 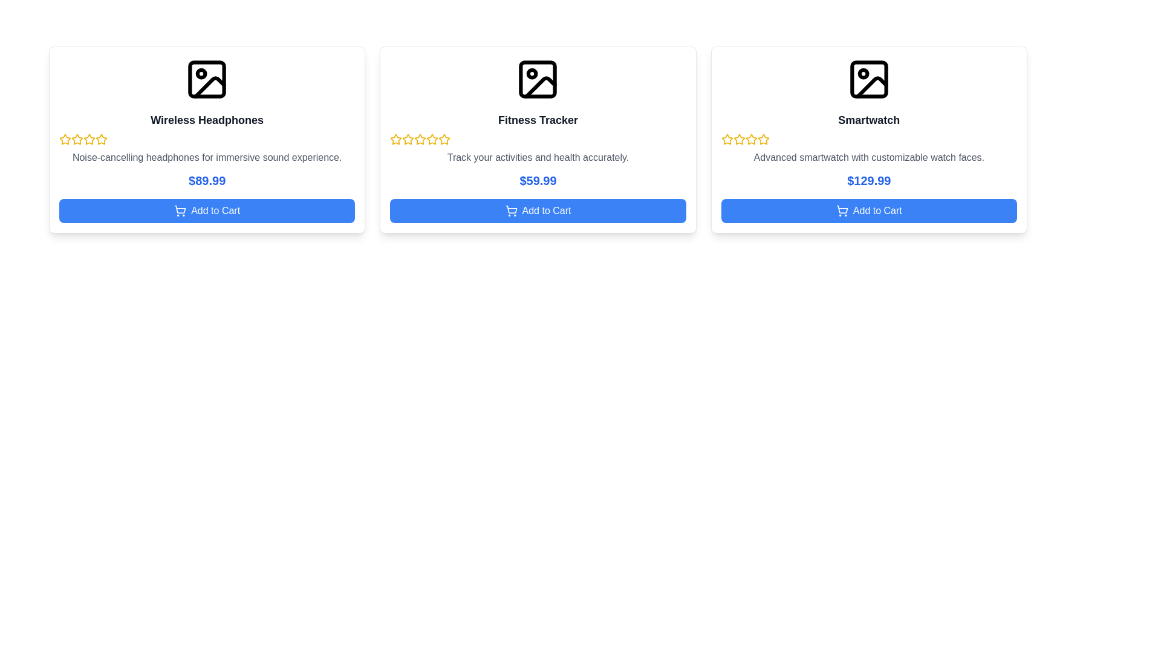 I want to click on the image placeholder or icon located in the 'Smartwatch' card, positioned at the top center above the 'Smartwatch' text and rating stars, so click(x=868, y=79).